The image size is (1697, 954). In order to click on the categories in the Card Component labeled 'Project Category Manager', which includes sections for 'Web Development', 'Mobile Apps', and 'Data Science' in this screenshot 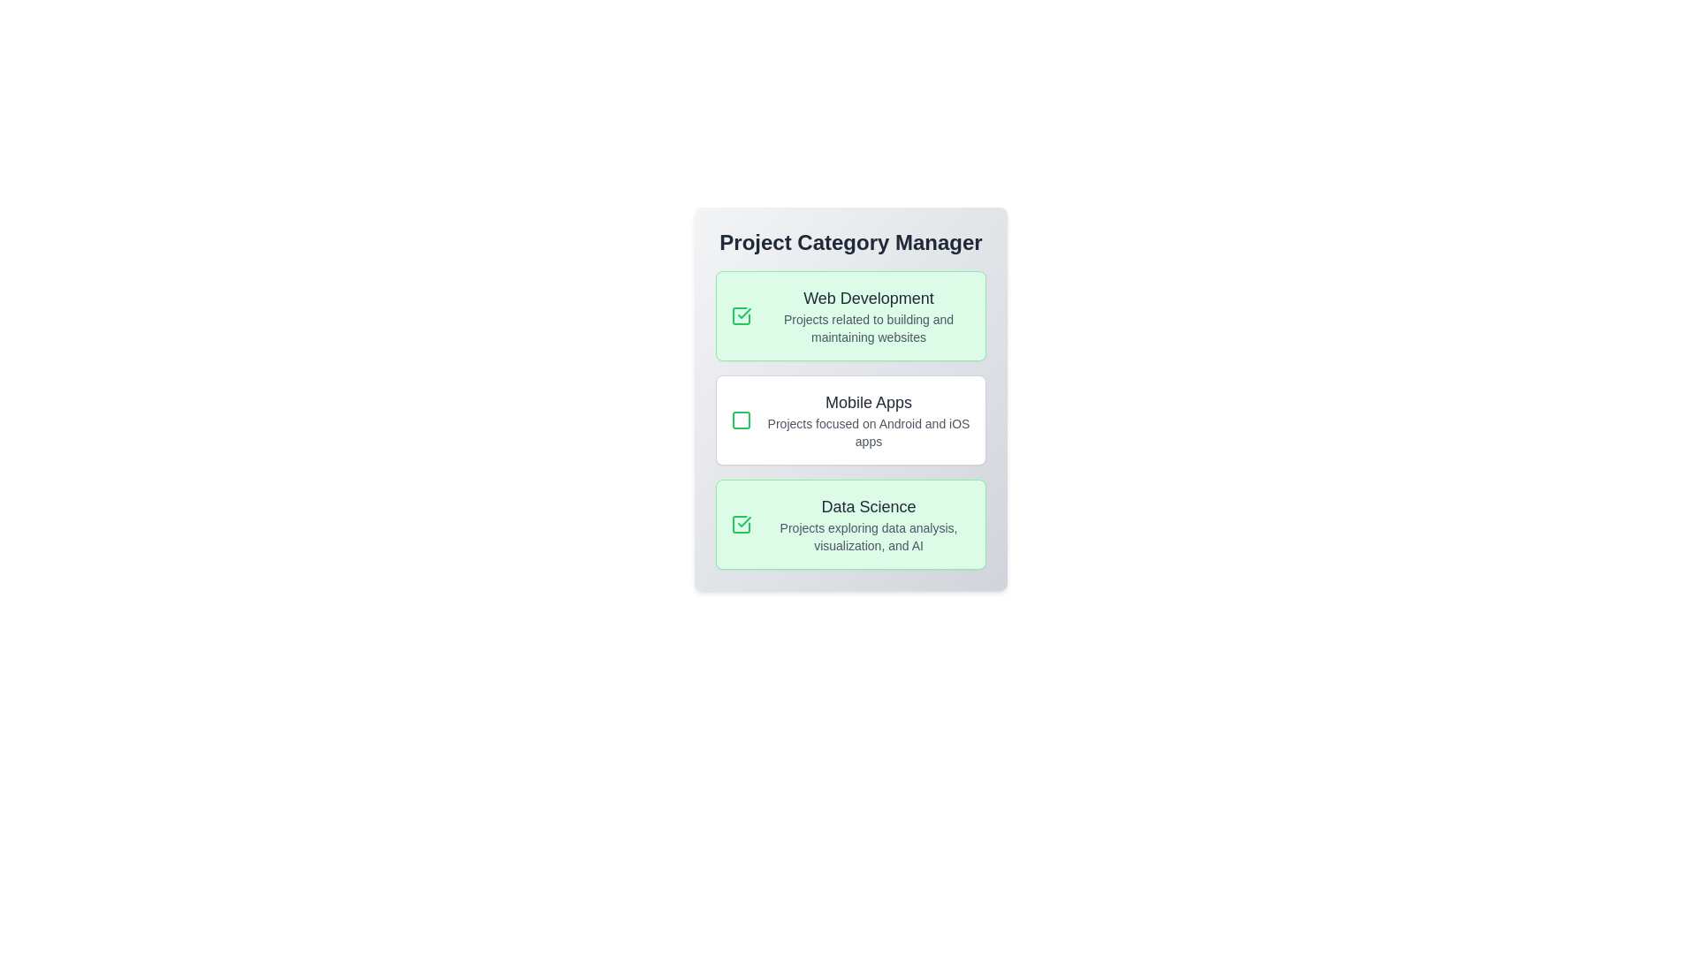, I will do `click(851, 398)`.